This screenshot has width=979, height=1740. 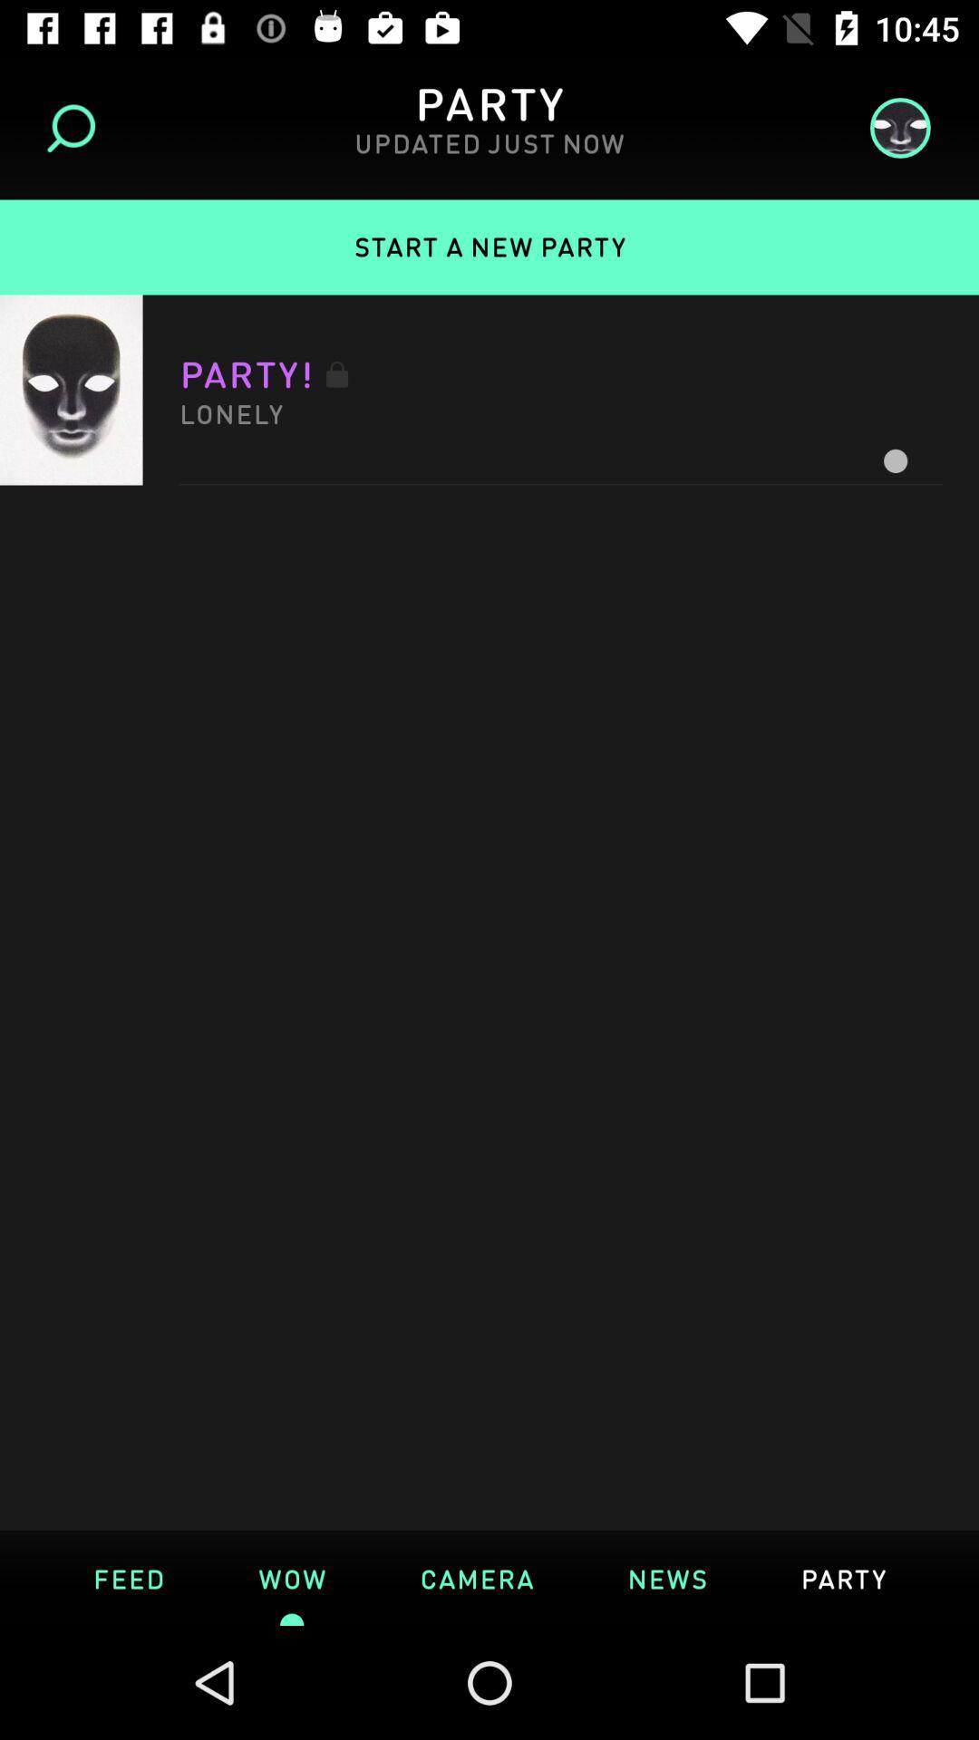 I want to click on option beside feed, so click(x=291, y=1577).